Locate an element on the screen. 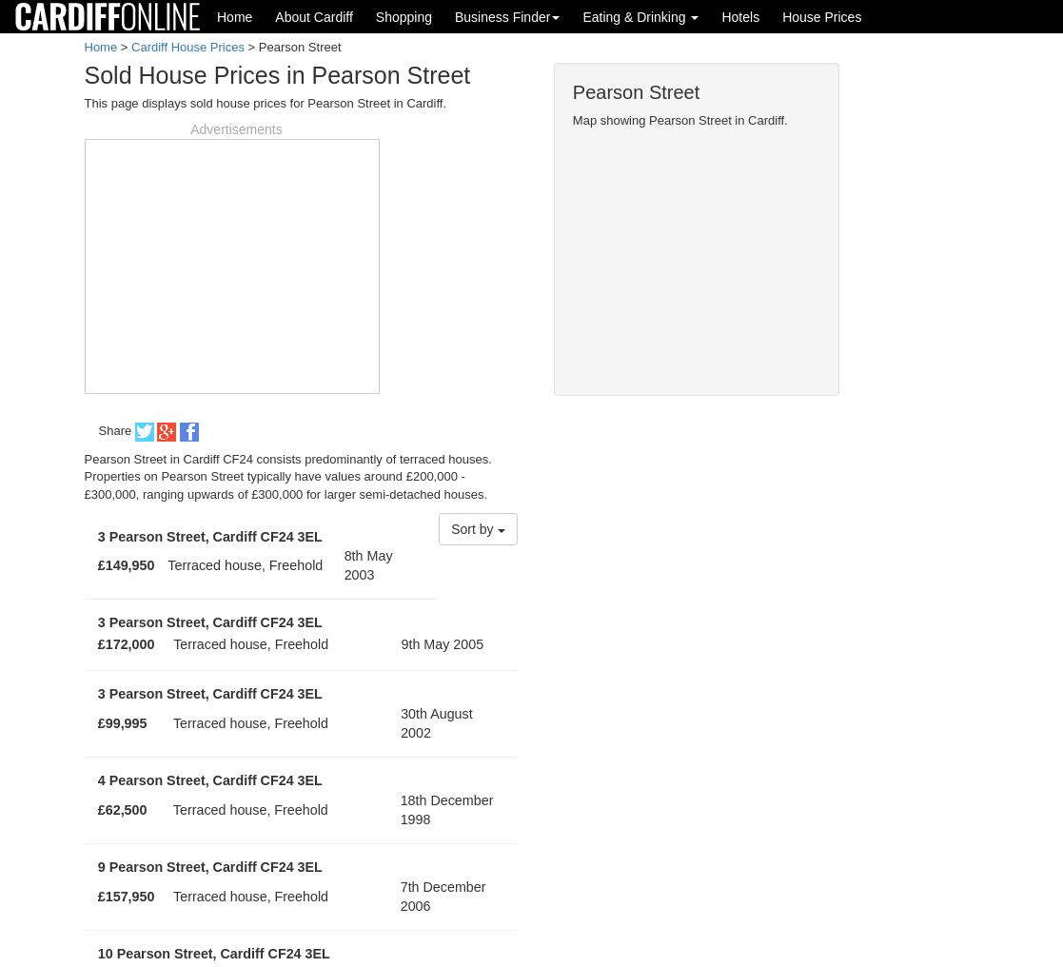 The height and width of the screenshot is (967, 1063). 'Pearson Street in Cardiff CF24 consists predominantly of terraced houses. Properties on Pearson Street typically have values around £200,000 - £300,000, ranging upwards of £300,000 for larger semi-detached houses.' is located at coordinates (286, 475).